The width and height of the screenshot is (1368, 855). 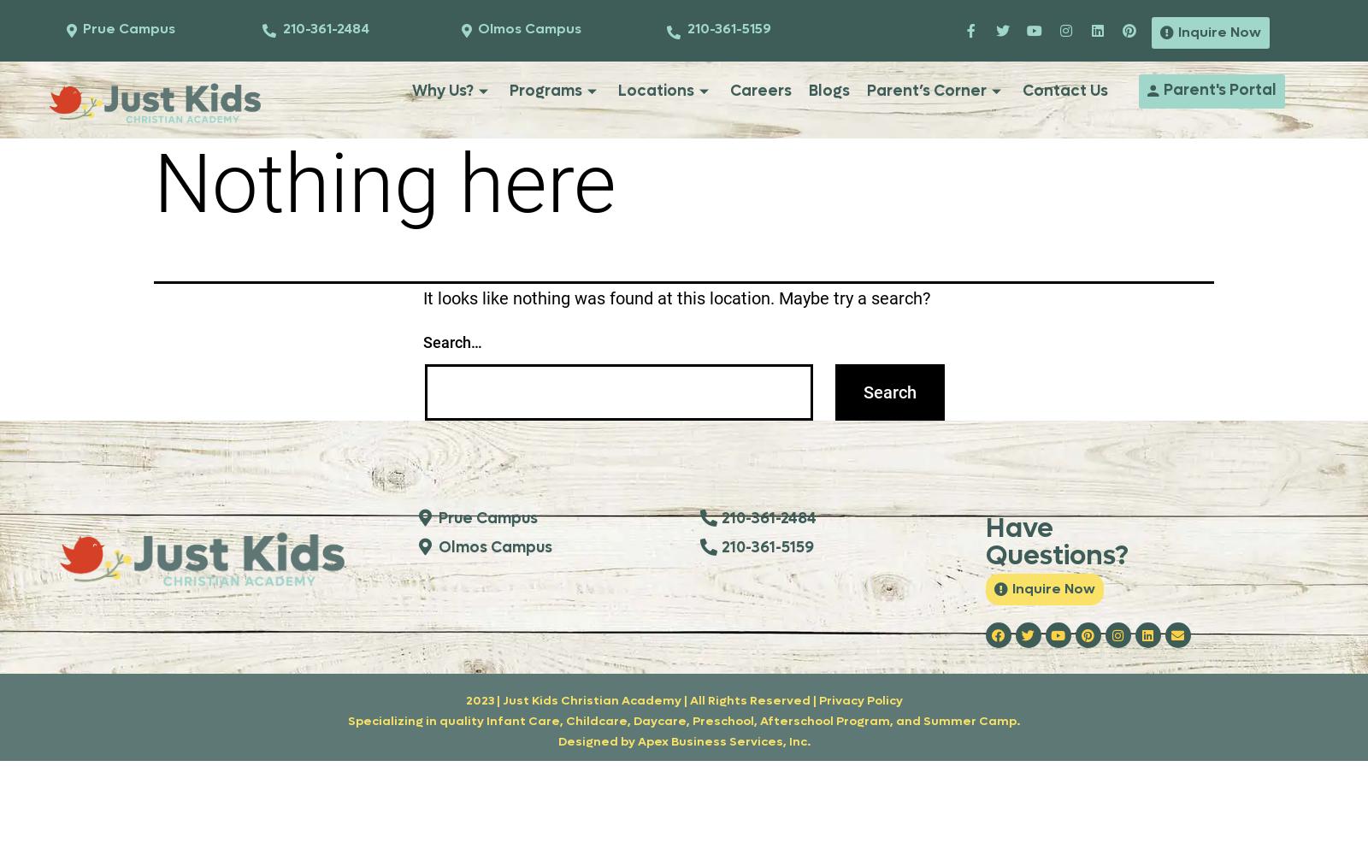 I want to click on 'Toddlers', so click(x=541, y=173).